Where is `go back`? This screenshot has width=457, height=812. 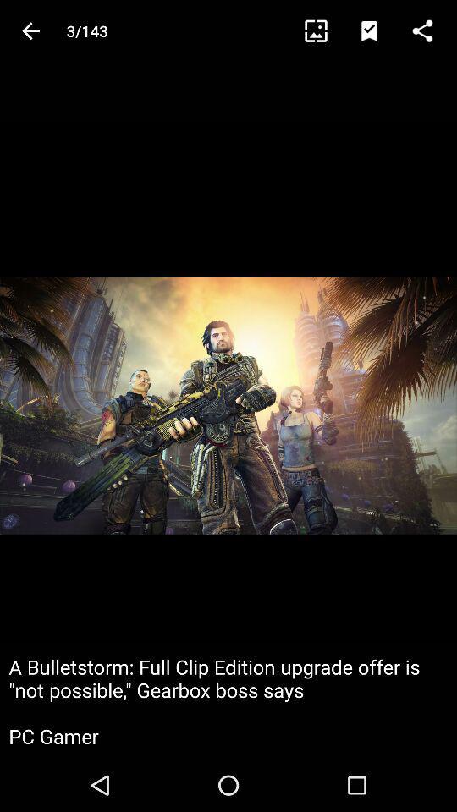
go back is located at coordinates (30, 30).